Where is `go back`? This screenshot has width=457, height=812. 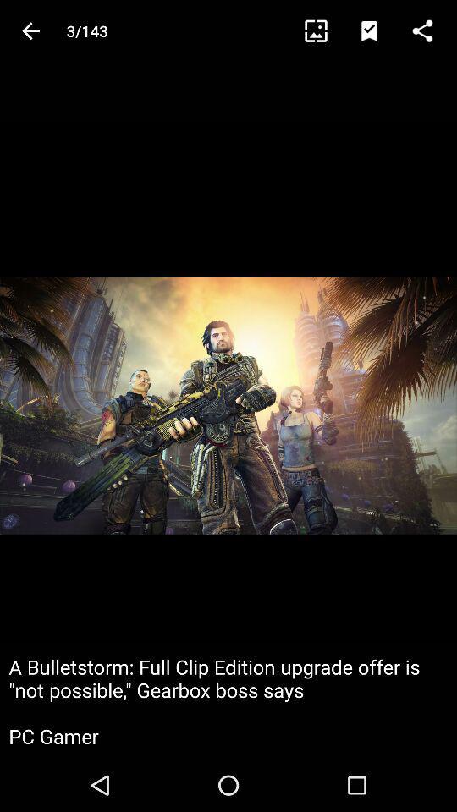
go back is located at coordinates (30, 30).